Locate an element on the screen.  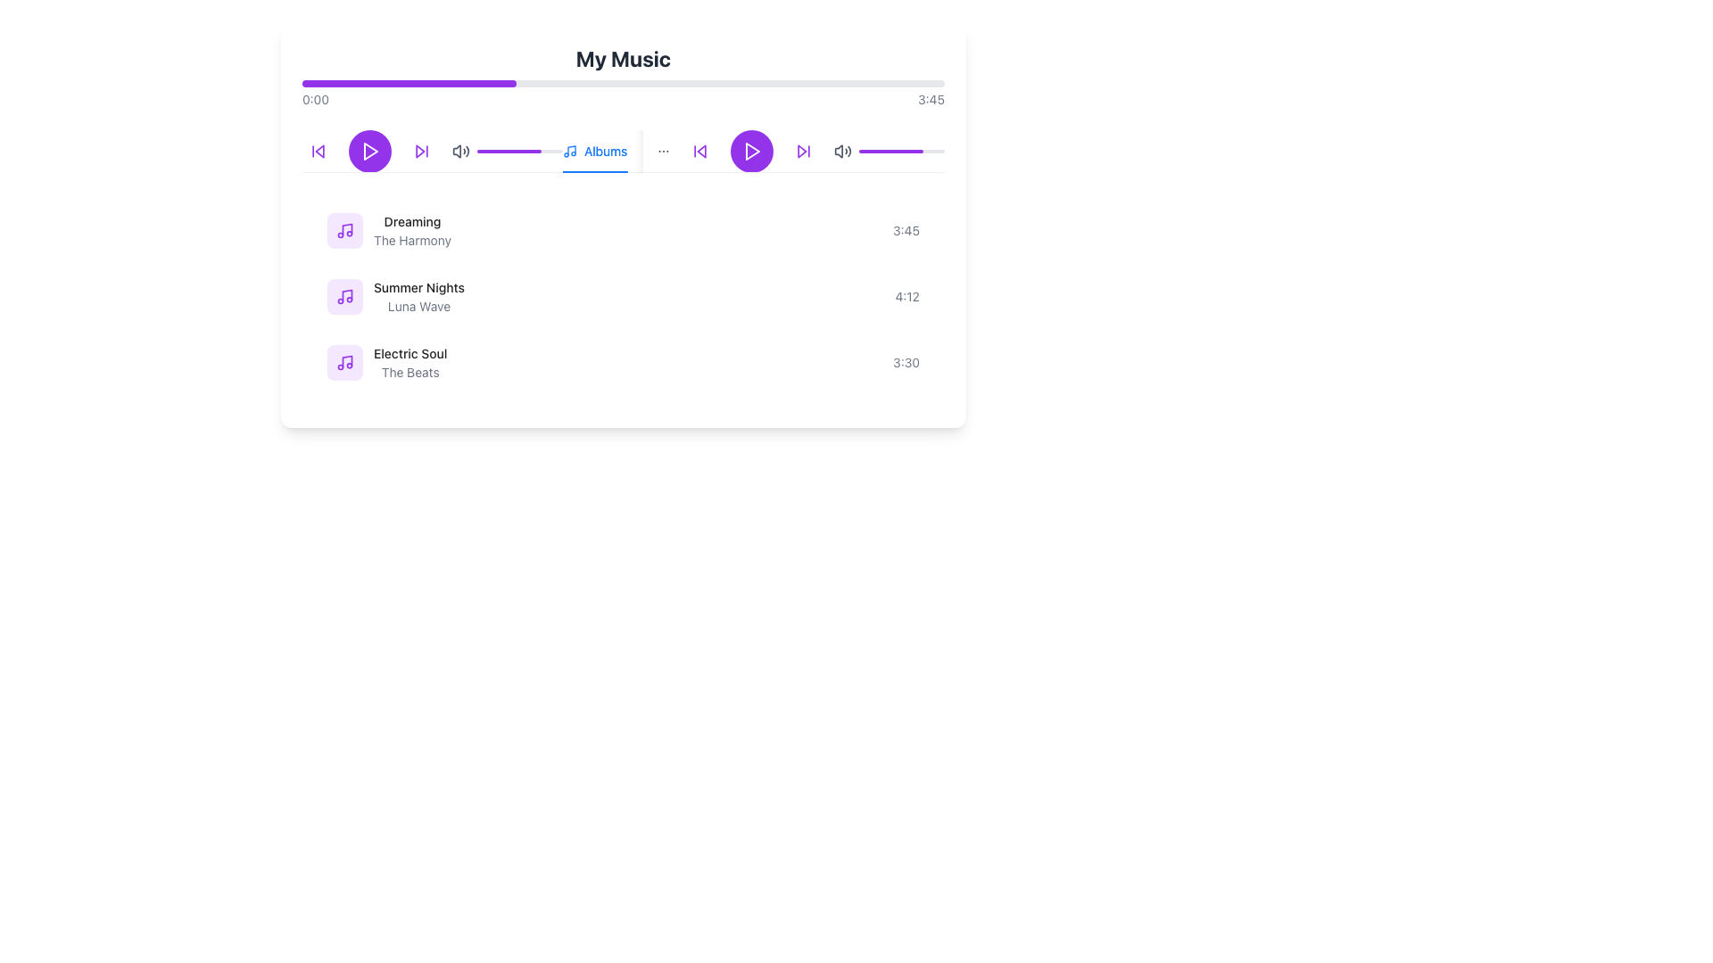
the small blue musical note icon located to the left of the 'Albums' text label in the application's toolbar is located at coordinates (568, 150).